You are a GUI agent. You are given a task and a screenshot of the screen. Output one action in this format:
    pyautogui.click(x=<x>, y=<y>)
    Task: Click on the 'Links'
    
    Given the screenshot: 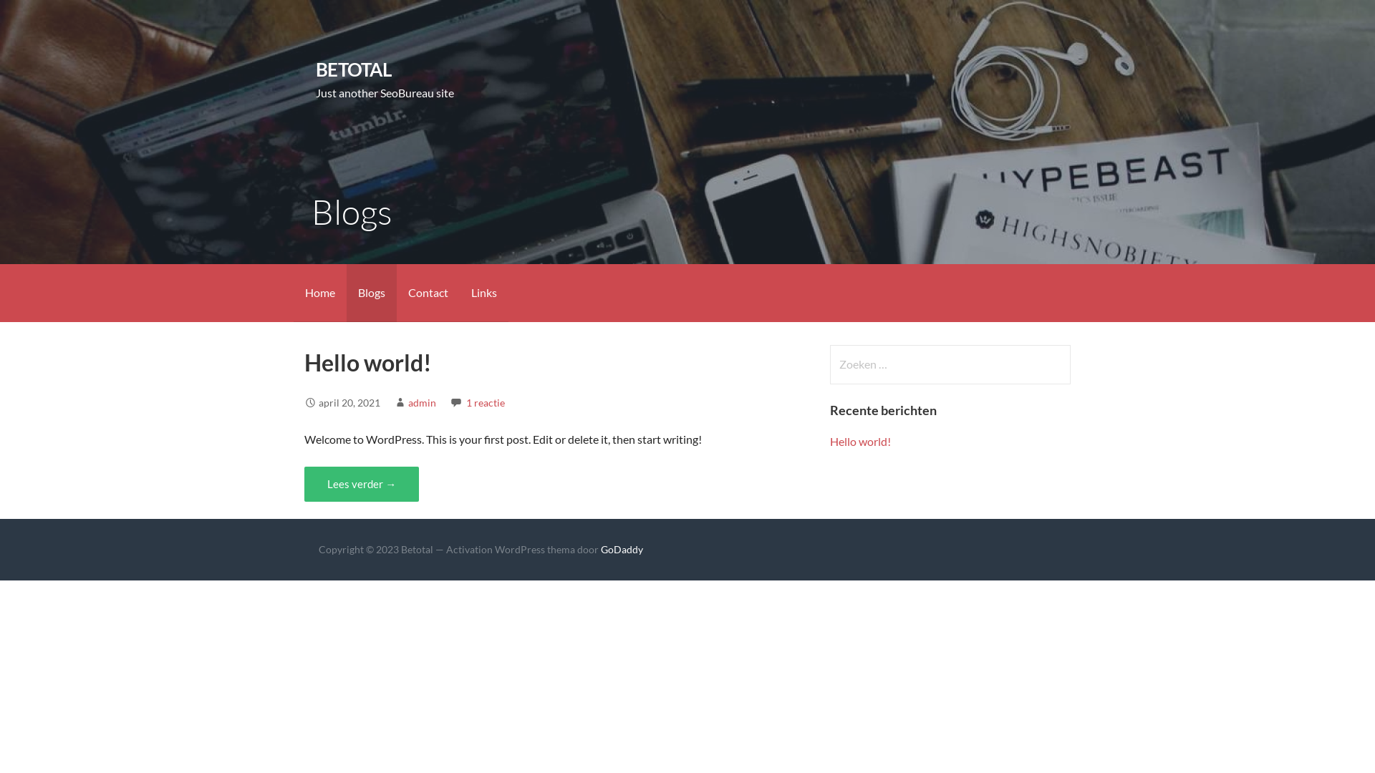 What is the action you would take?
    pyautogui.click(x=484, y=292)
    